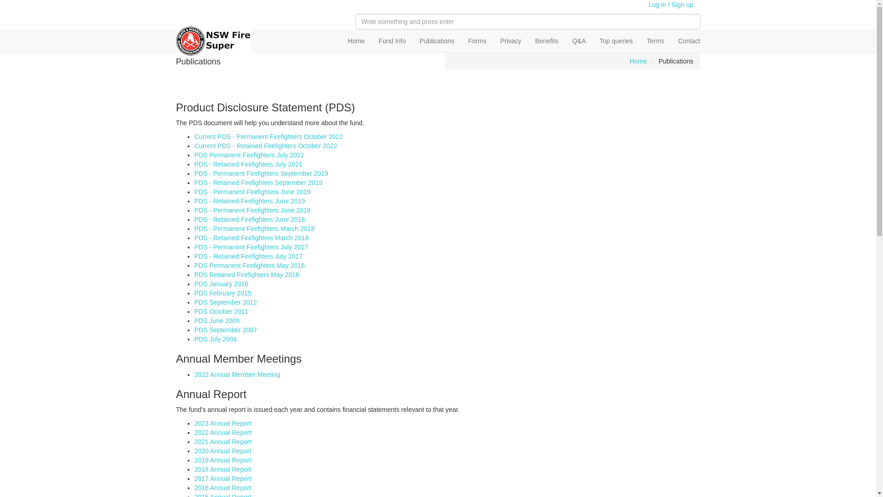 The width and height of the screenshot is (883, 497). What do you see at coordinates (510, 40) in the screenshot?
I see `'Privacy'` at bounding box center [510, 40].